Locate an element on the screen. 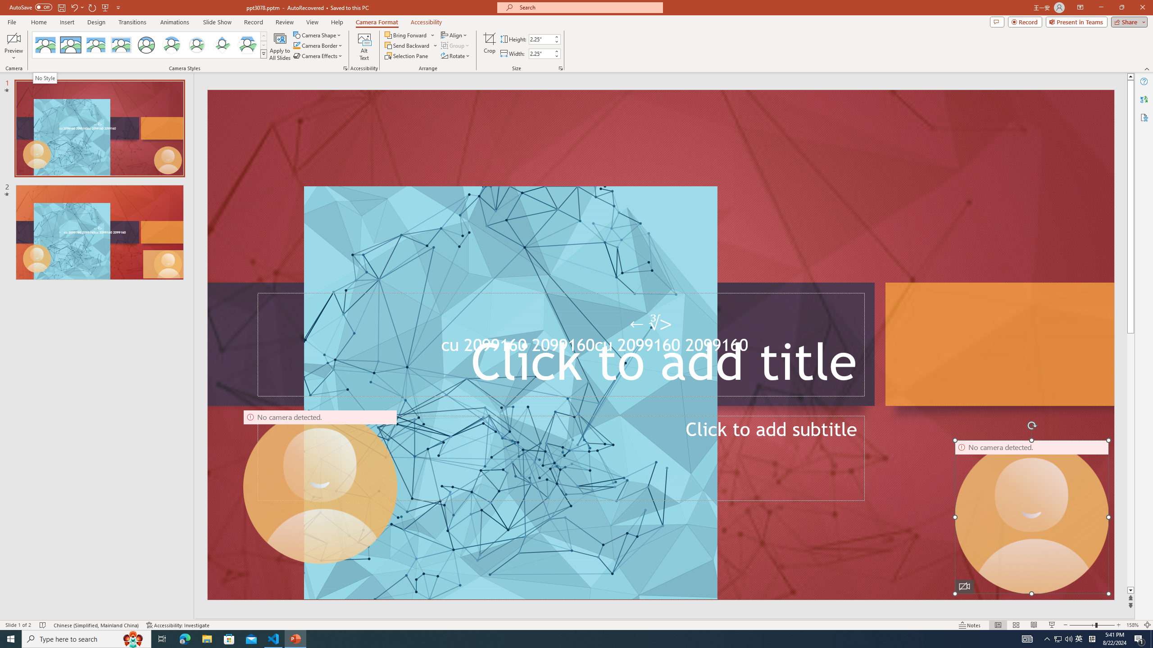 This screenshot has width=1153, height=648. 'More' is located at coordinates (556, 51).